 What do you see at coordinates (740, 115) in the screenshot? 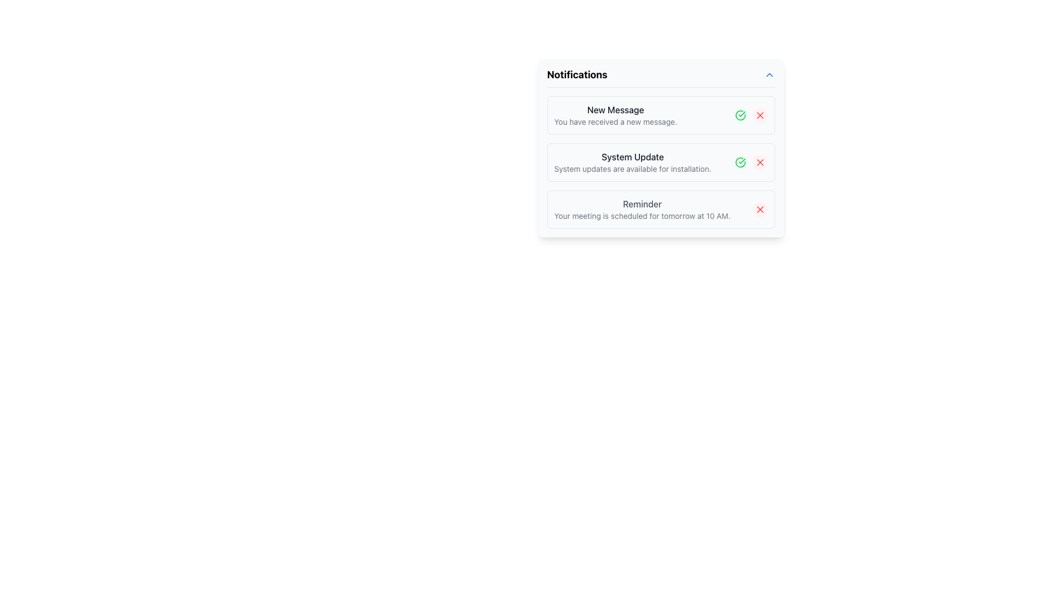
I see `the circular green button with a checkmark icon, located before the red 'Delete Notification' button in the notification panel` at bounding box center [740, 115].